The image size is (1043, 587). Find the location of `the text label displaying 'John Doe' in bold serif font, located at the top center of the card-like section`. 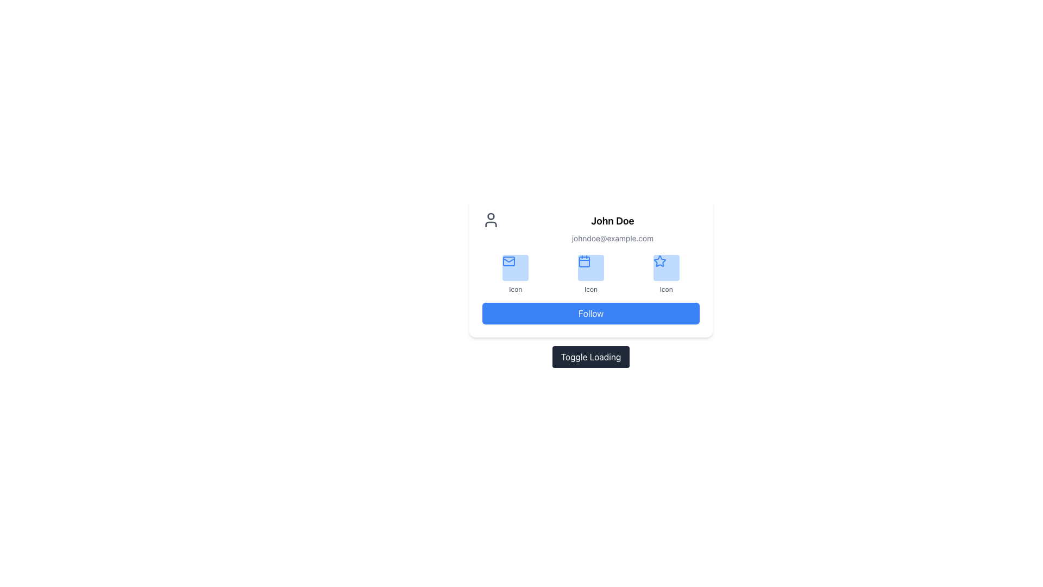

the text label displaying 'John Doe' in bold serif font, located at the top center of the card-like section is located at coordinates (613, 221).